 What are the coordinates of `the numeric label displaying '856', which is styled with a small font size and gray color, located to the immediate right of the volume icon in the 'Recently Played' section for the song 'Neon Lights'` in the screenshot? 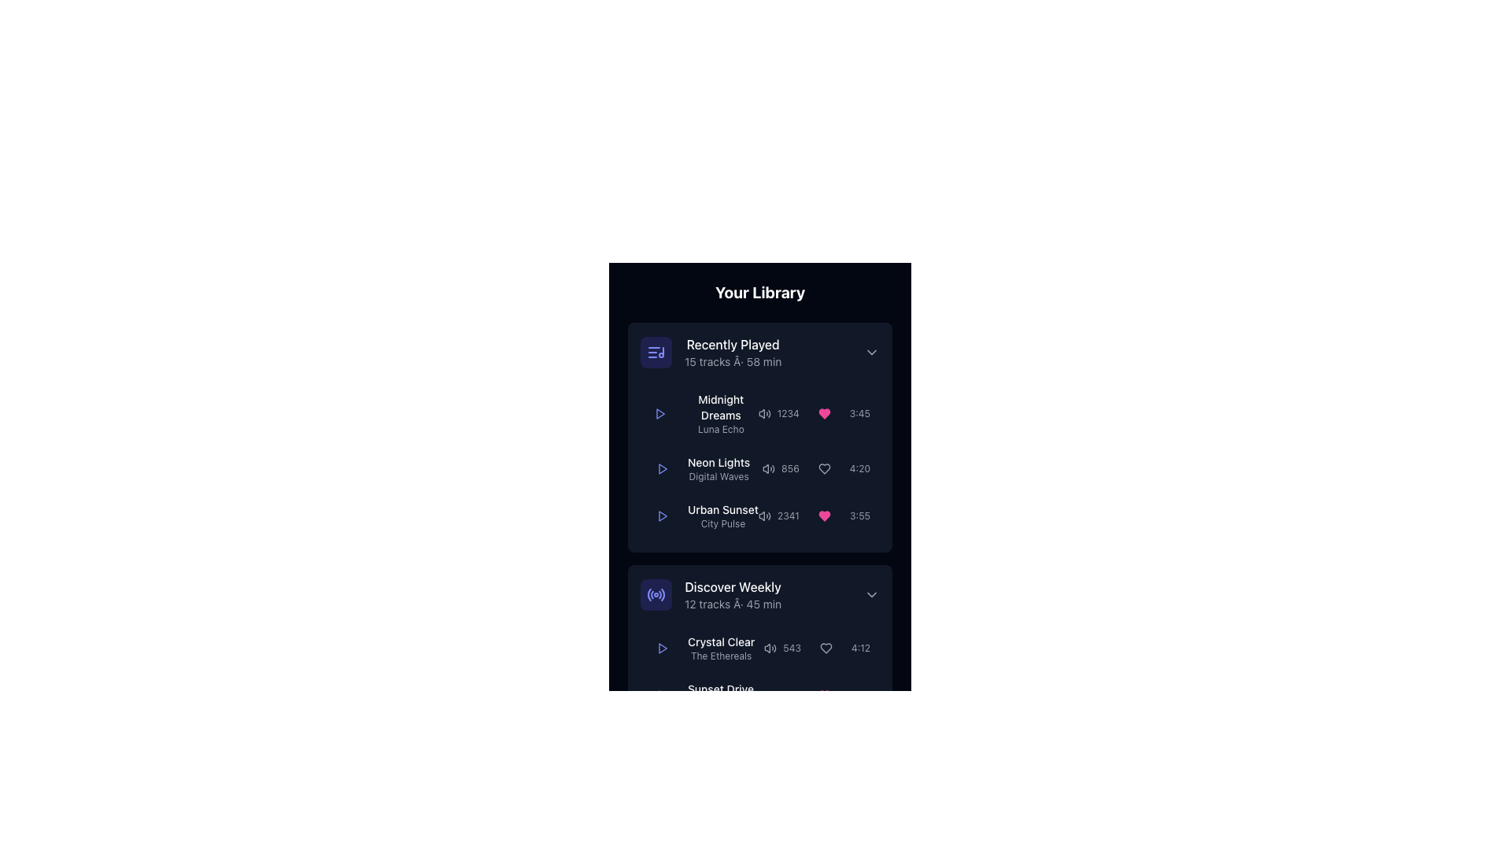 It's located at (790, 468).